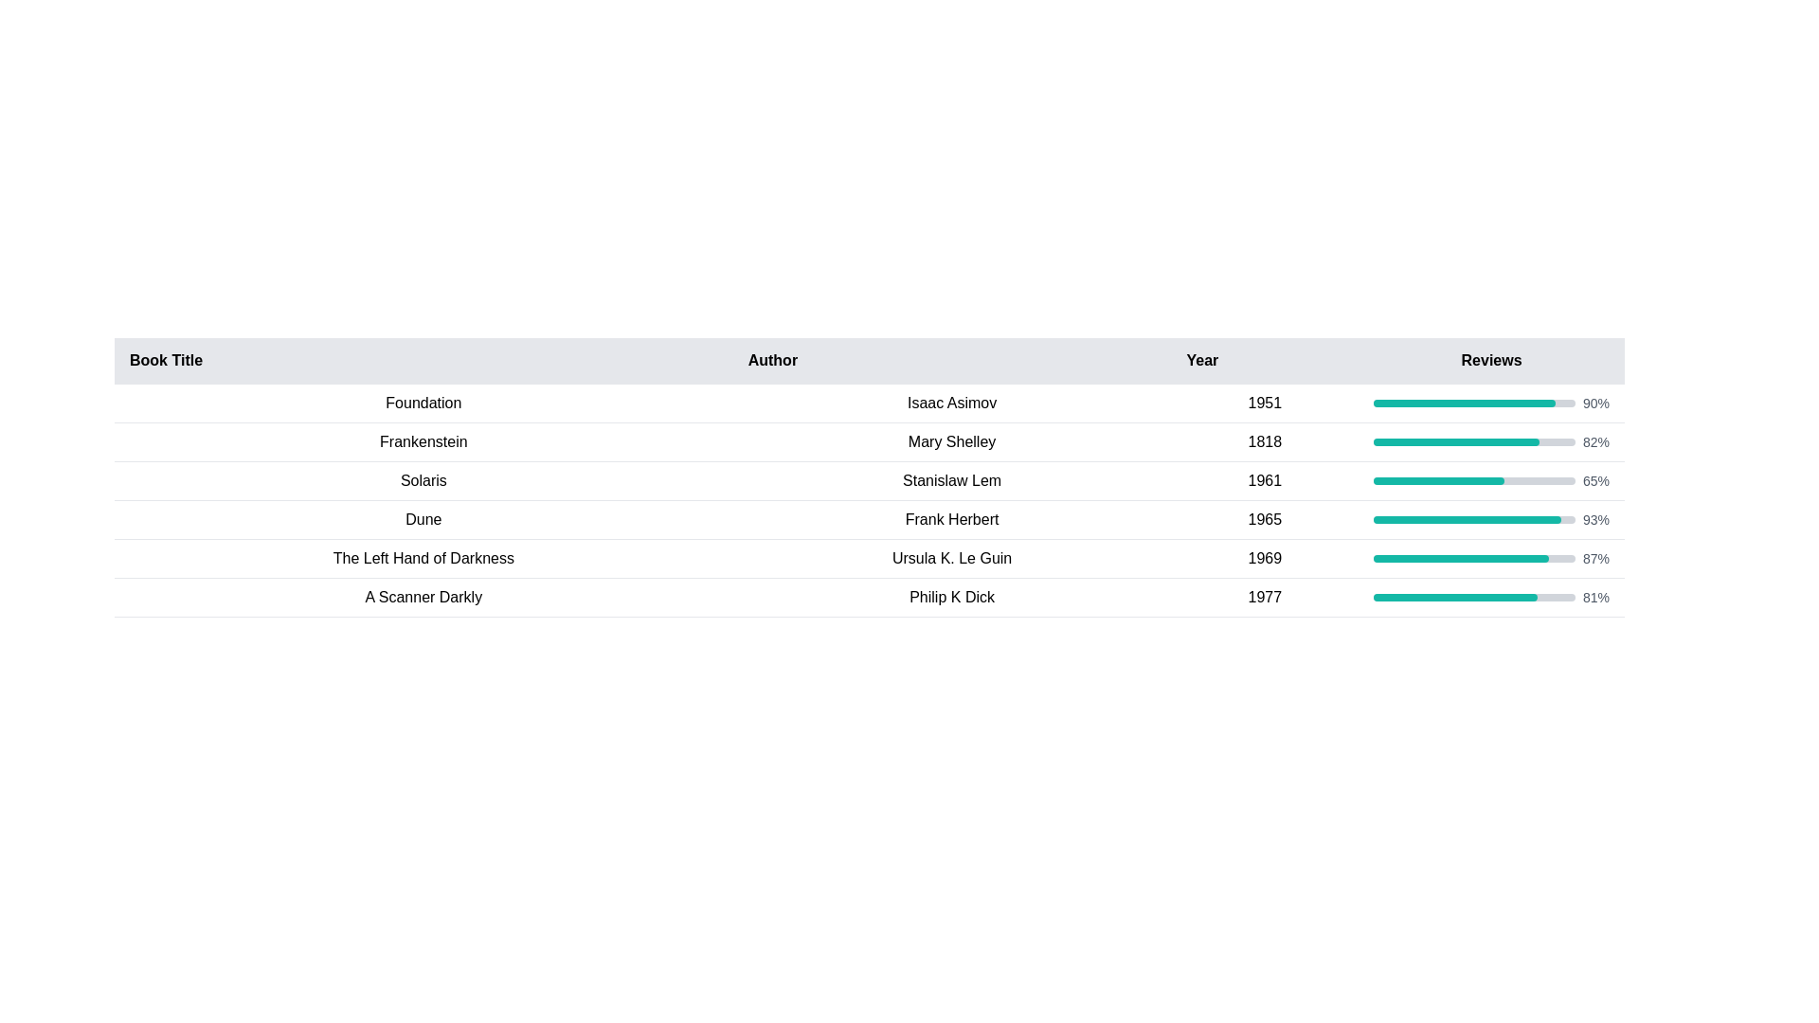 The height and width of the screenshot is (1023, 1819). What do you see at coordinates (423, 402) in the screenshot?
I see `the text area displaying 'Foundation' under the 'Book Title' header in the table layout` at bounding box center [423, 402].